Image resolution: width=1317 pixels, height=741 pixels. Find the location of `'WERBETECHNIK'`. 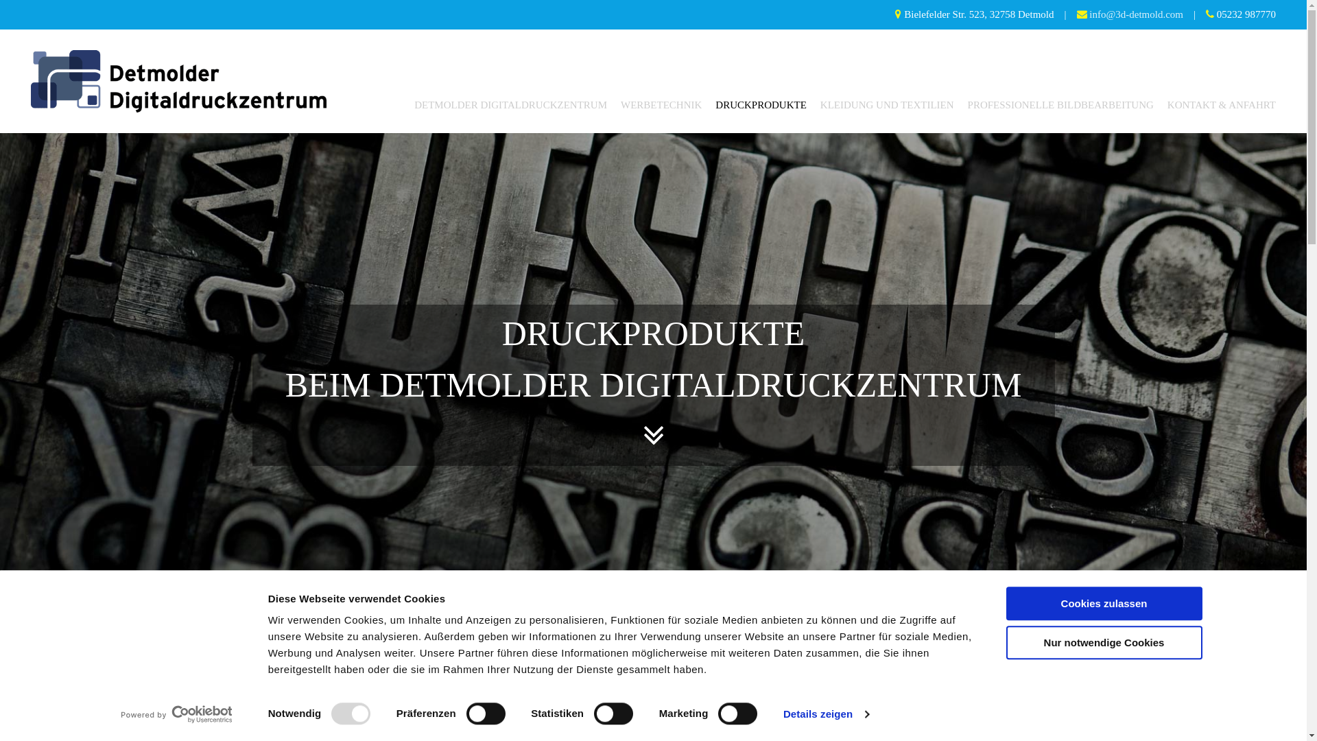

'WERBETECHNIK' is located at coordinates (654, 105).